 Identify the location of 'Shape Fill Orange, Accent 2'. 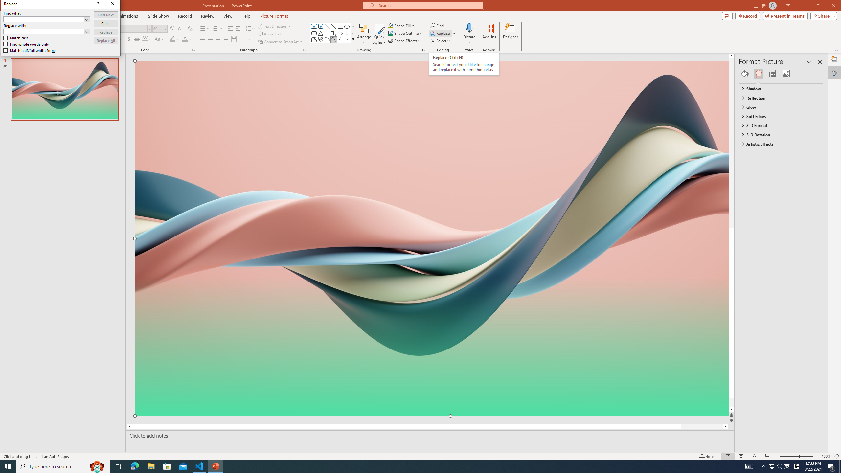
(391, 25).